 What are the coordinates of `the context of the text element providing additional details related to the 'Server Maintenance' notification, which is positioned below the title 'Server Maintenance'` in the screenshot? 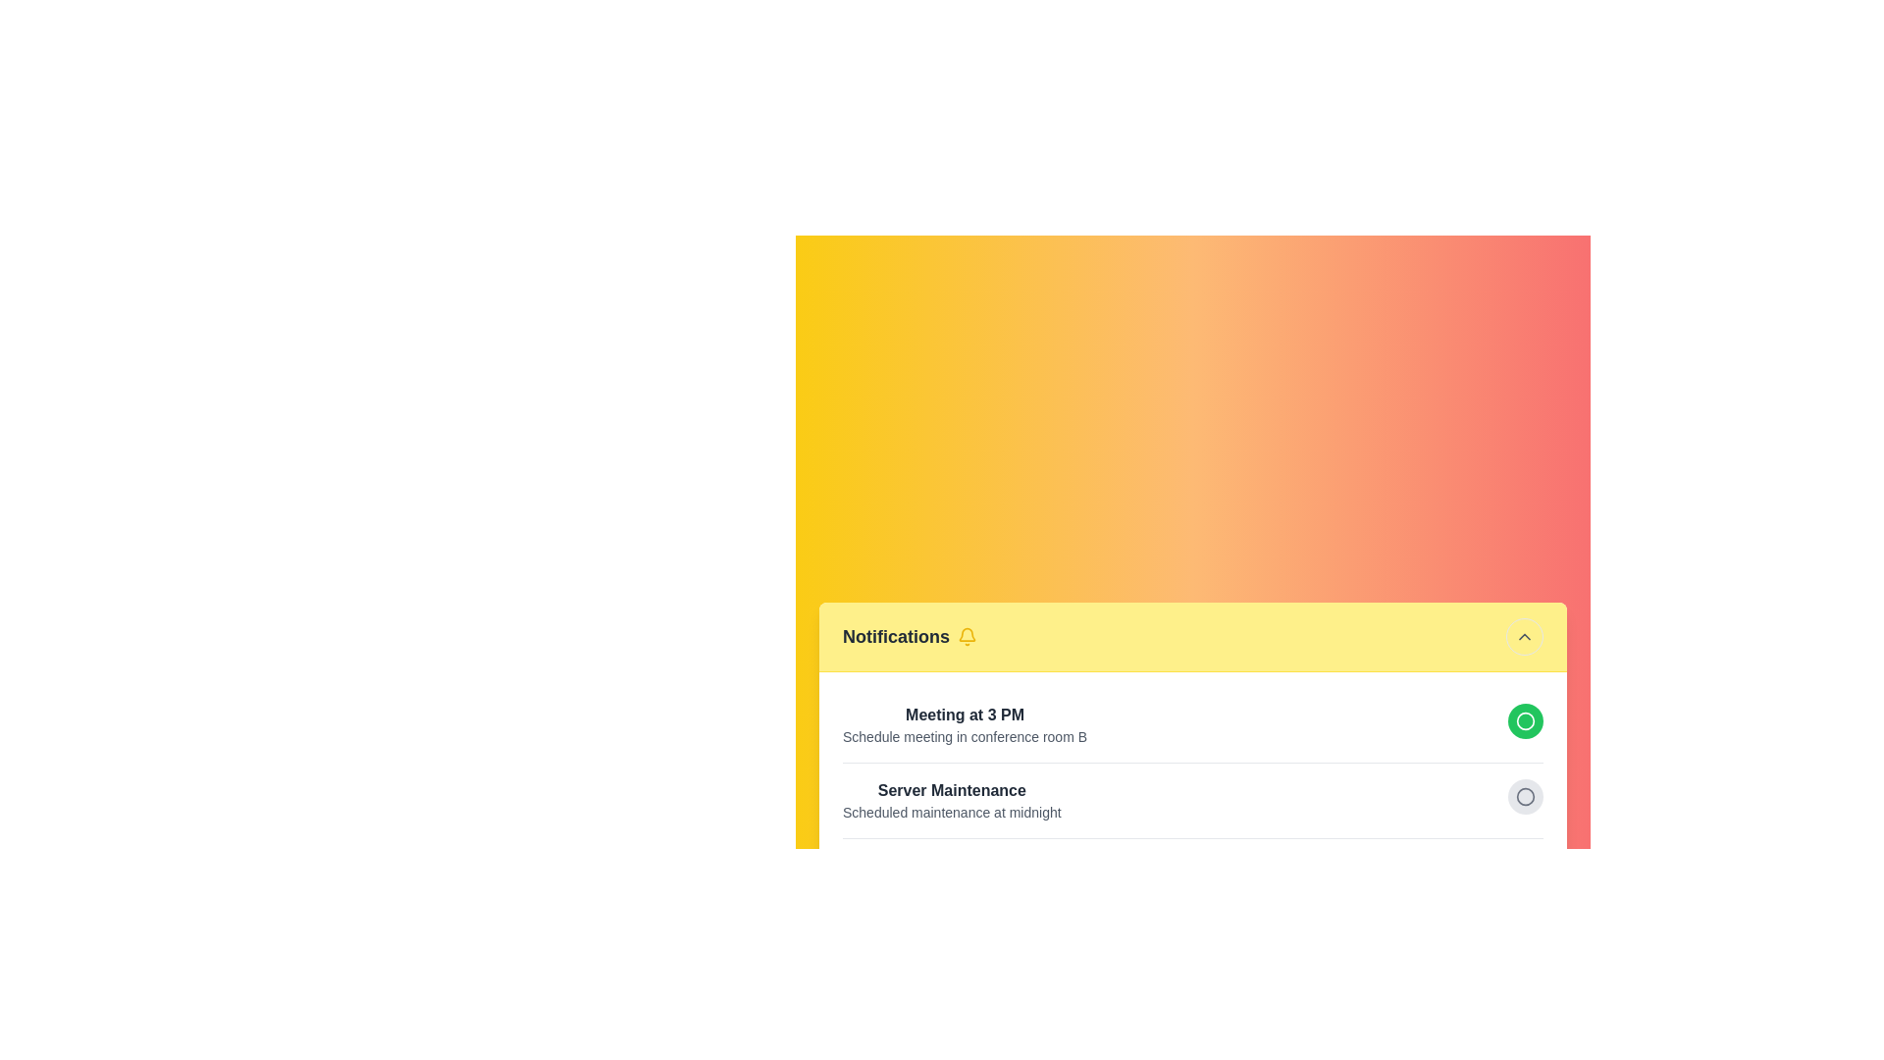 It's located at (952, 812).